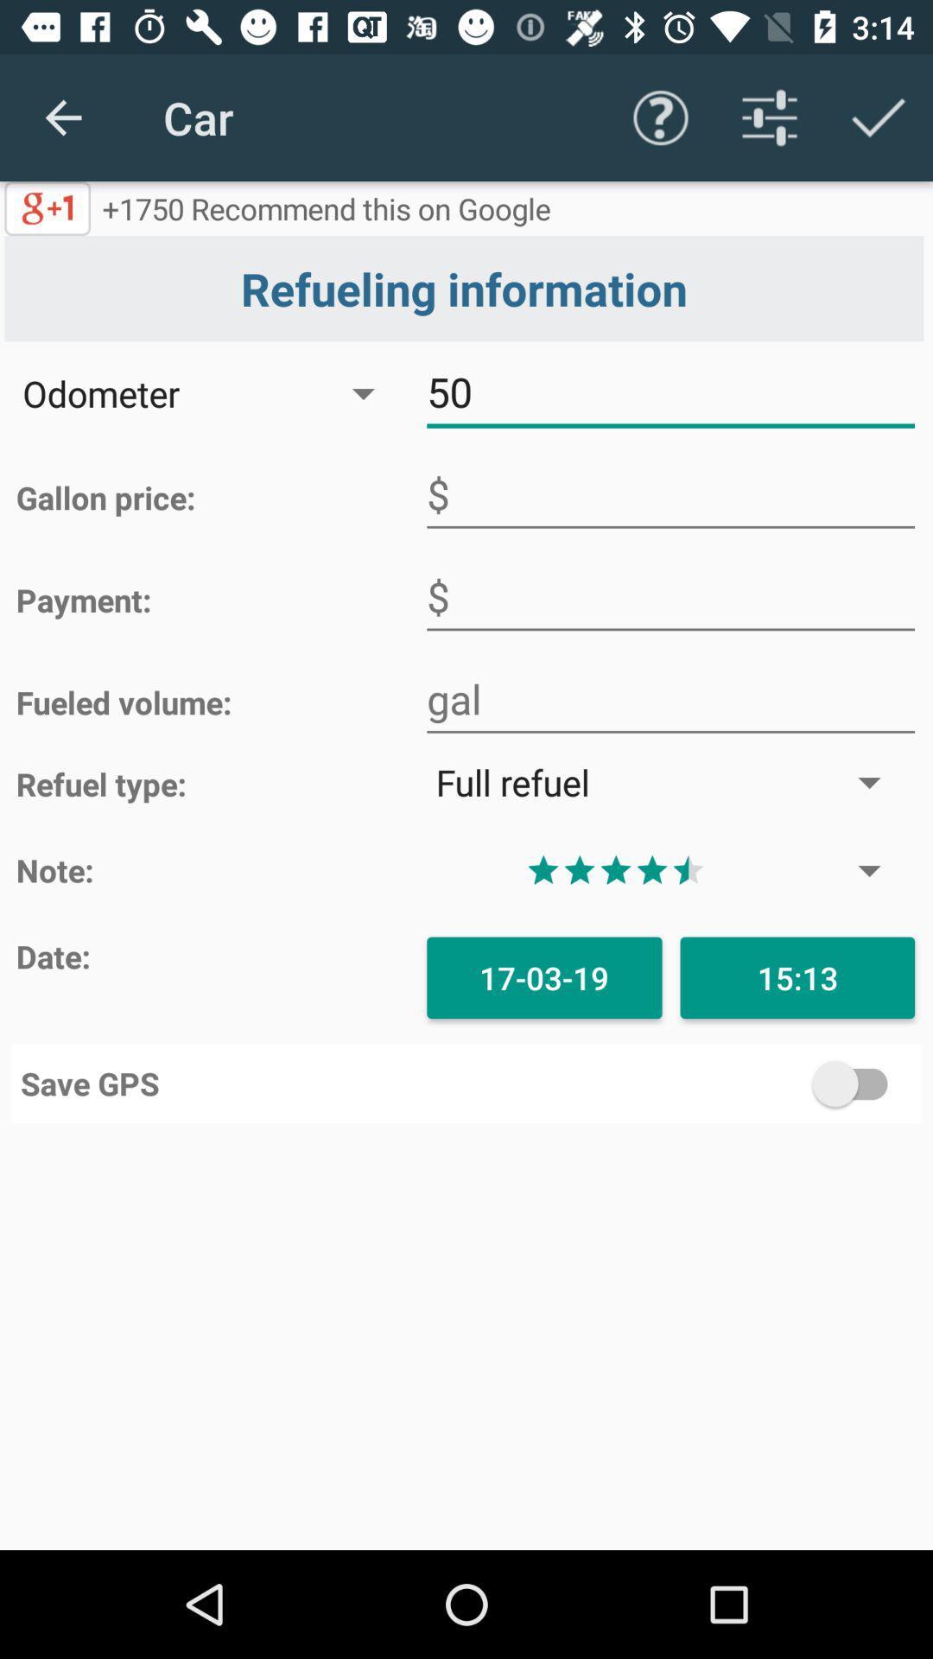 The width and height of the screenshot is (933, 1659). I want to click on the 17-03-19 icon, so click(544, 977).